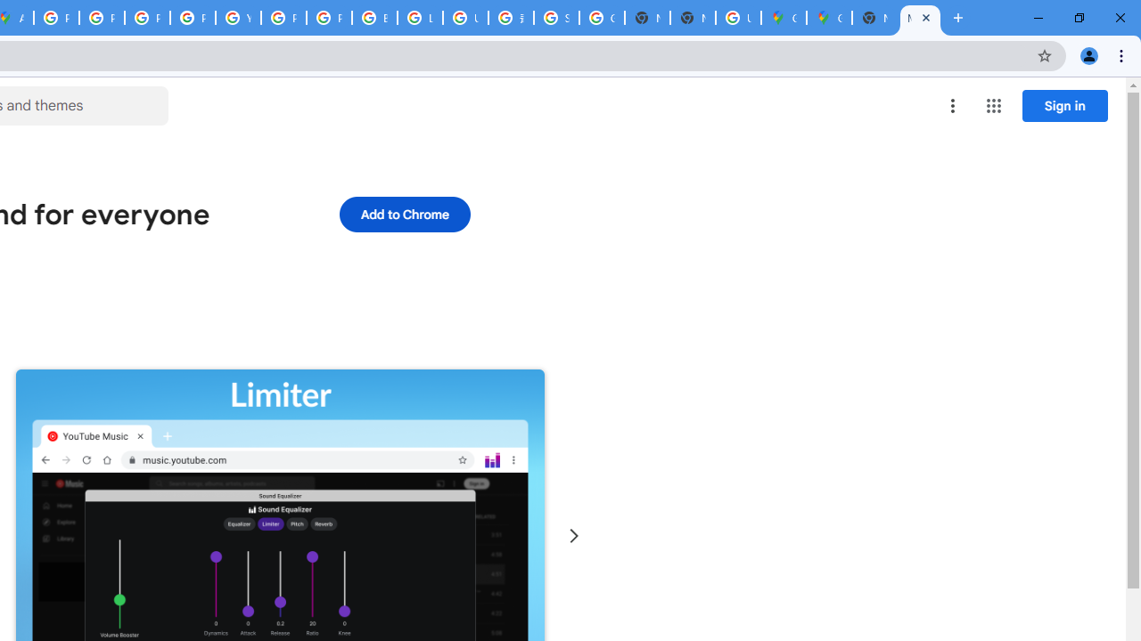 The image size is (1141, 641). I want to click on 'Restore', so click(1078, 18).